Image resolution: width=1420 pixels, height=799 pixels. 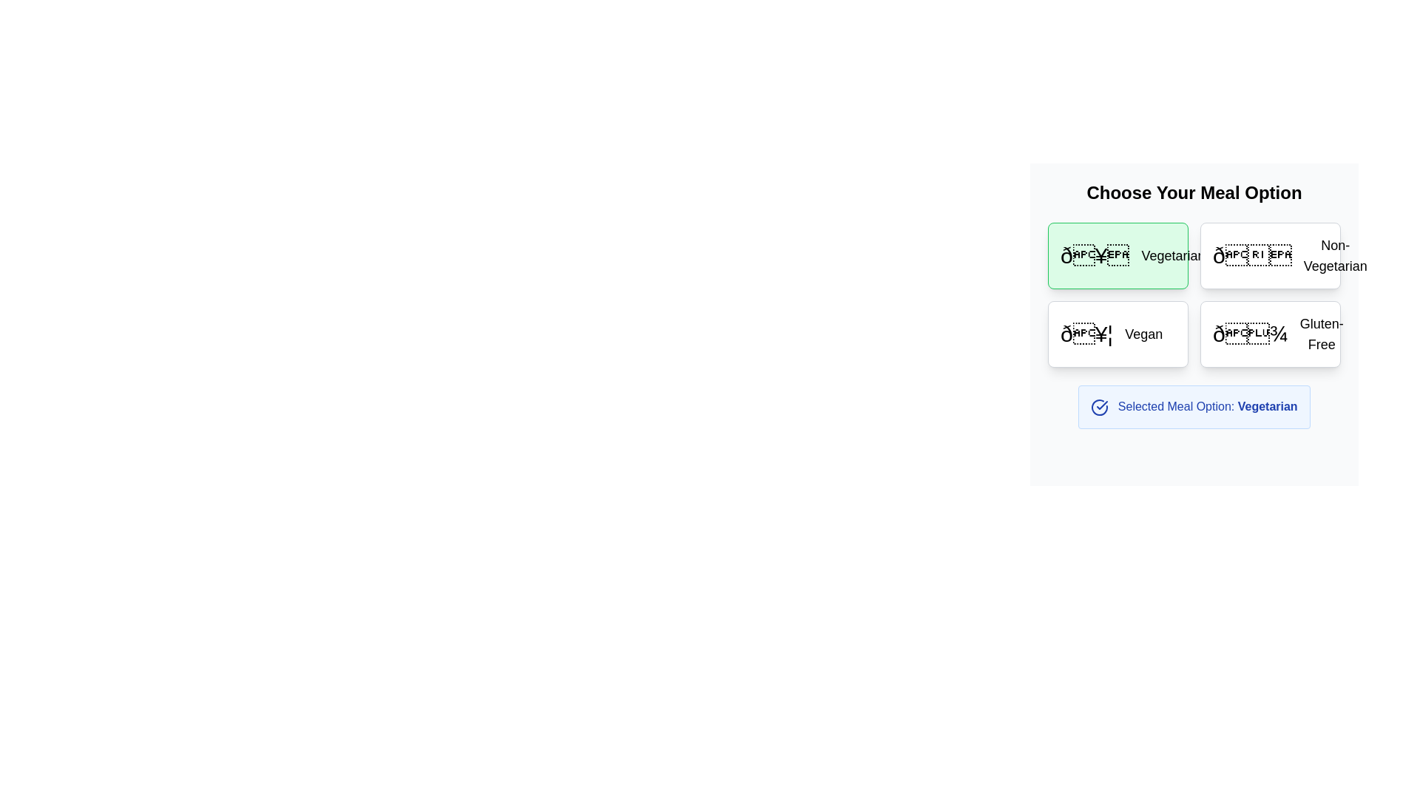 I want to click on the static text element styled as a header that introduces users to select their preferred meal option, located at the top of the meal options grid, so click(x=1194, y=192).